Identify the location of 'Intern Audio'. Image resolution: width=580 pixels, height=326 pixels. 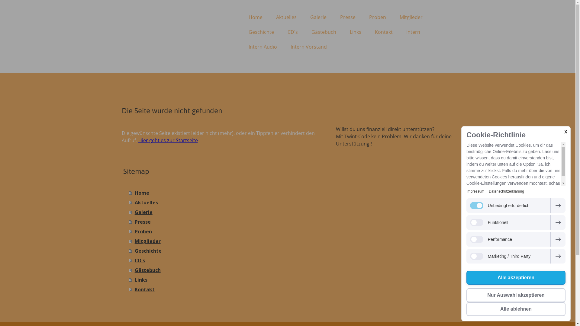
(242, 46).